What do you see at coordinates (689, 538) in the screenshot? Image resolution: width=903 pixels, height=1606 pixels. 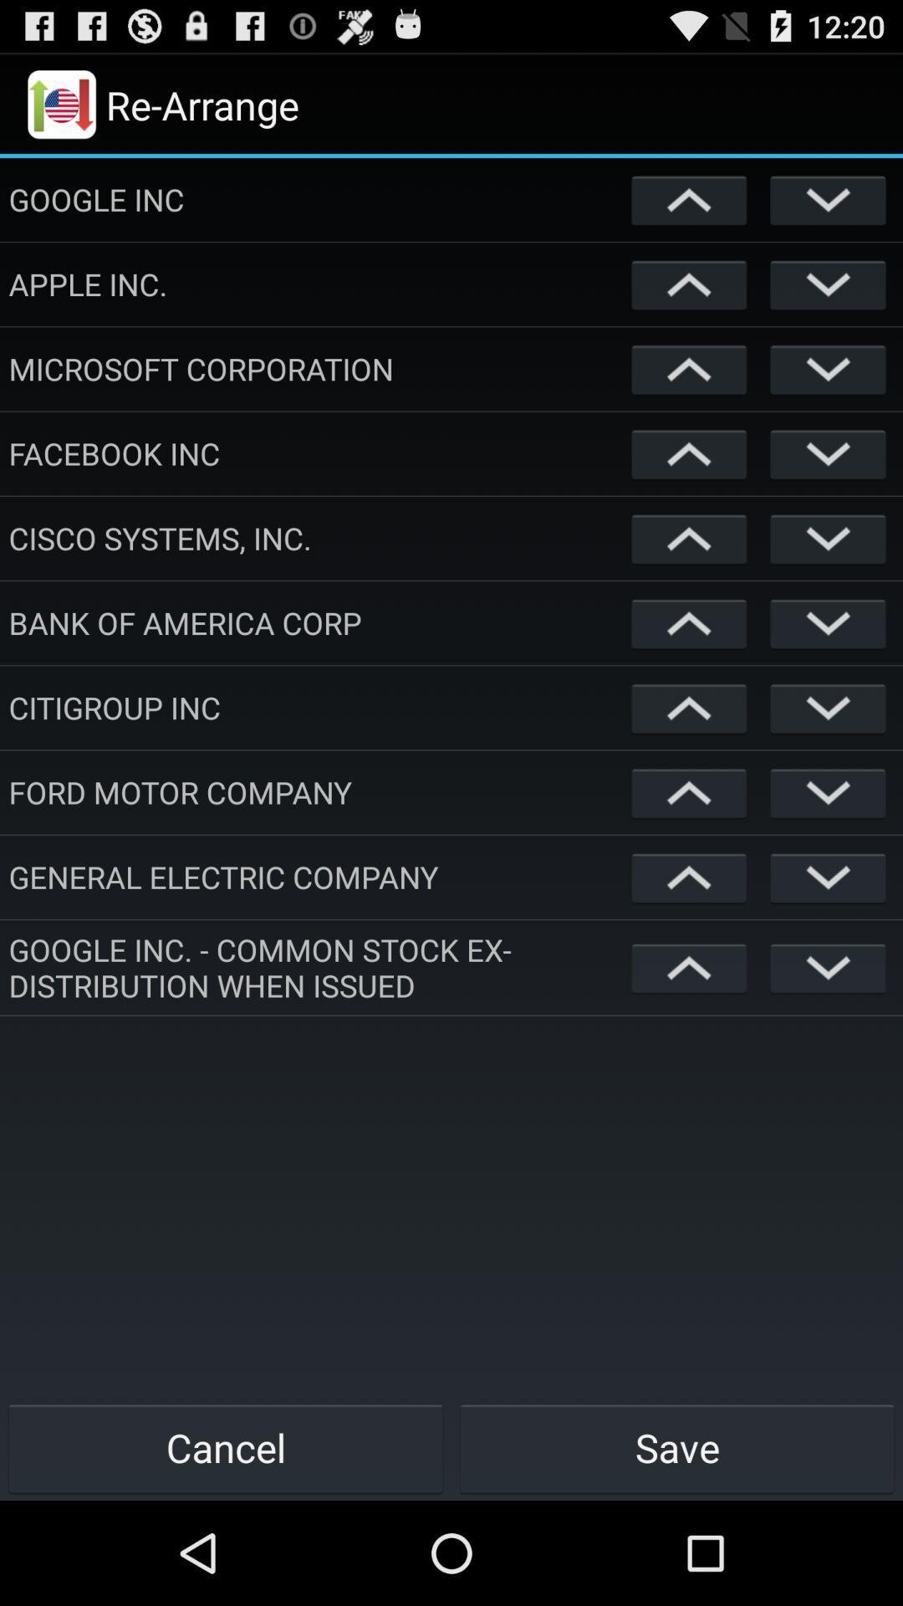 I see `move item up list` at bounding box center [689, 538].